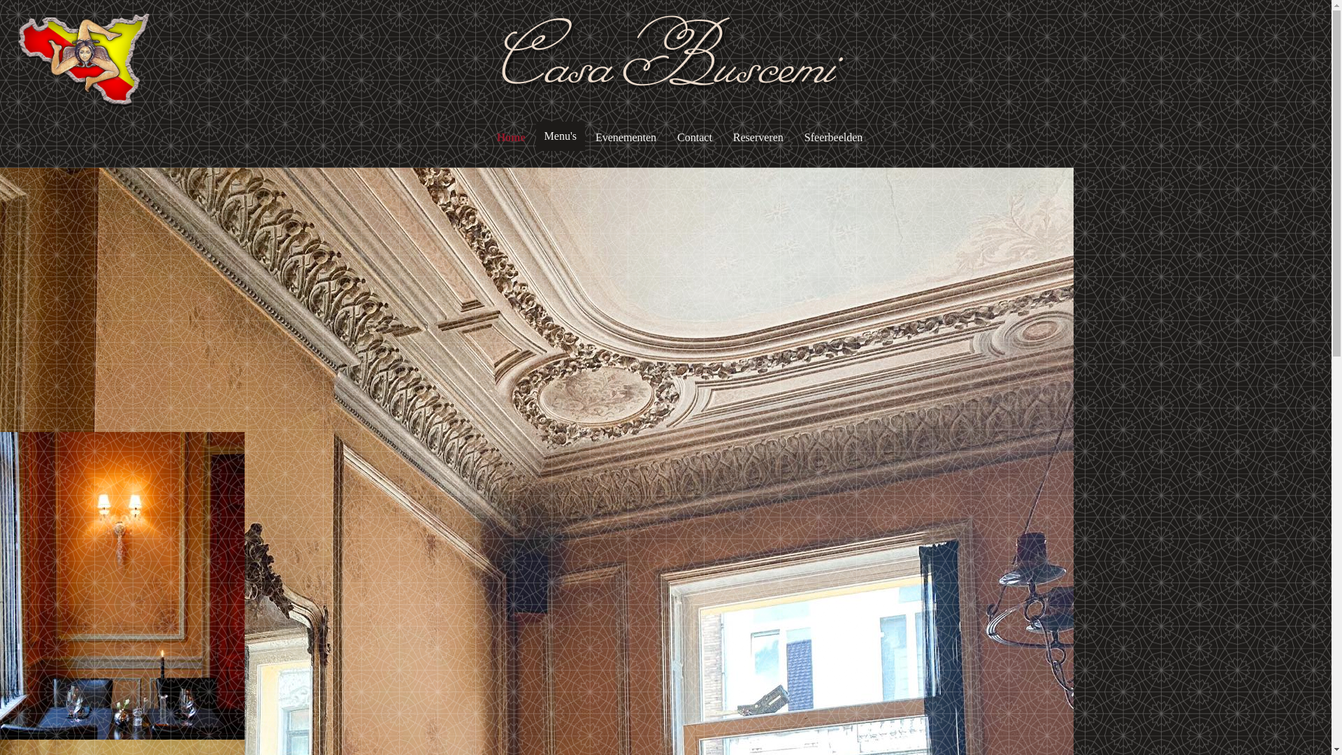  What do you see at coordinates (757, 137) in the screenshot?
I see `'Reserveren'` at bounding box center [757, 137].